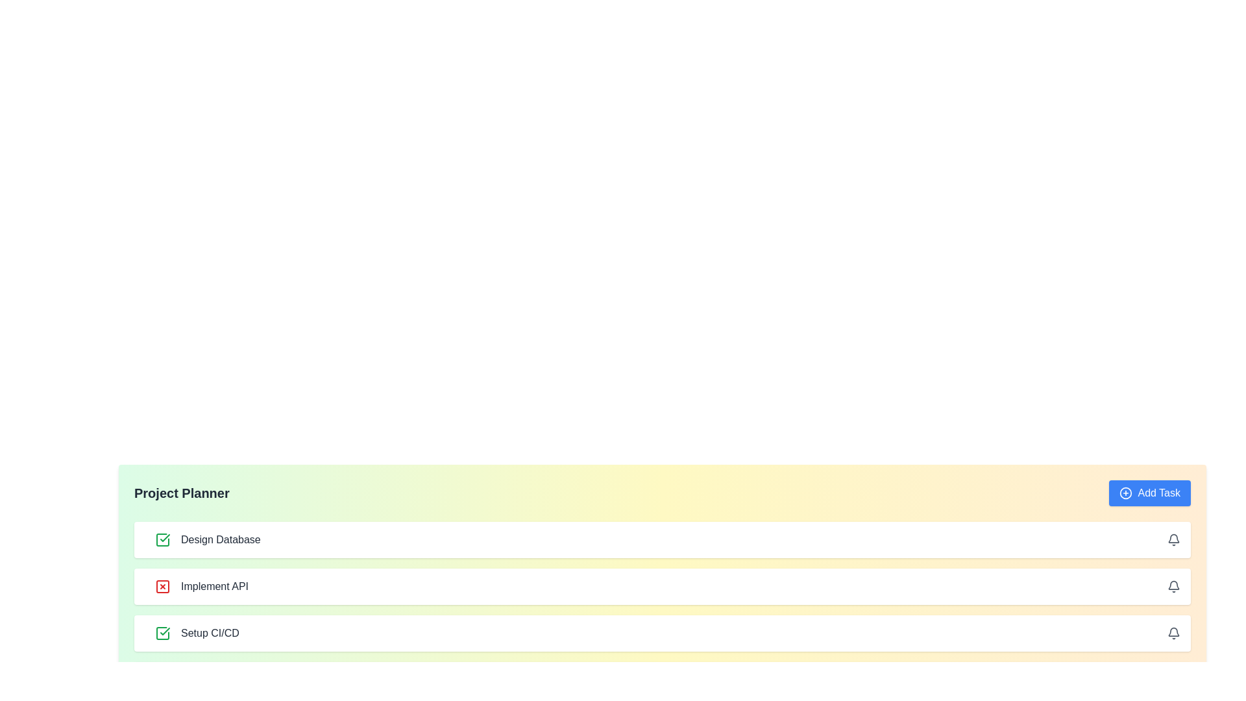  I want to click on the 'Add Task' button to add a new task, so click(1149, 493).